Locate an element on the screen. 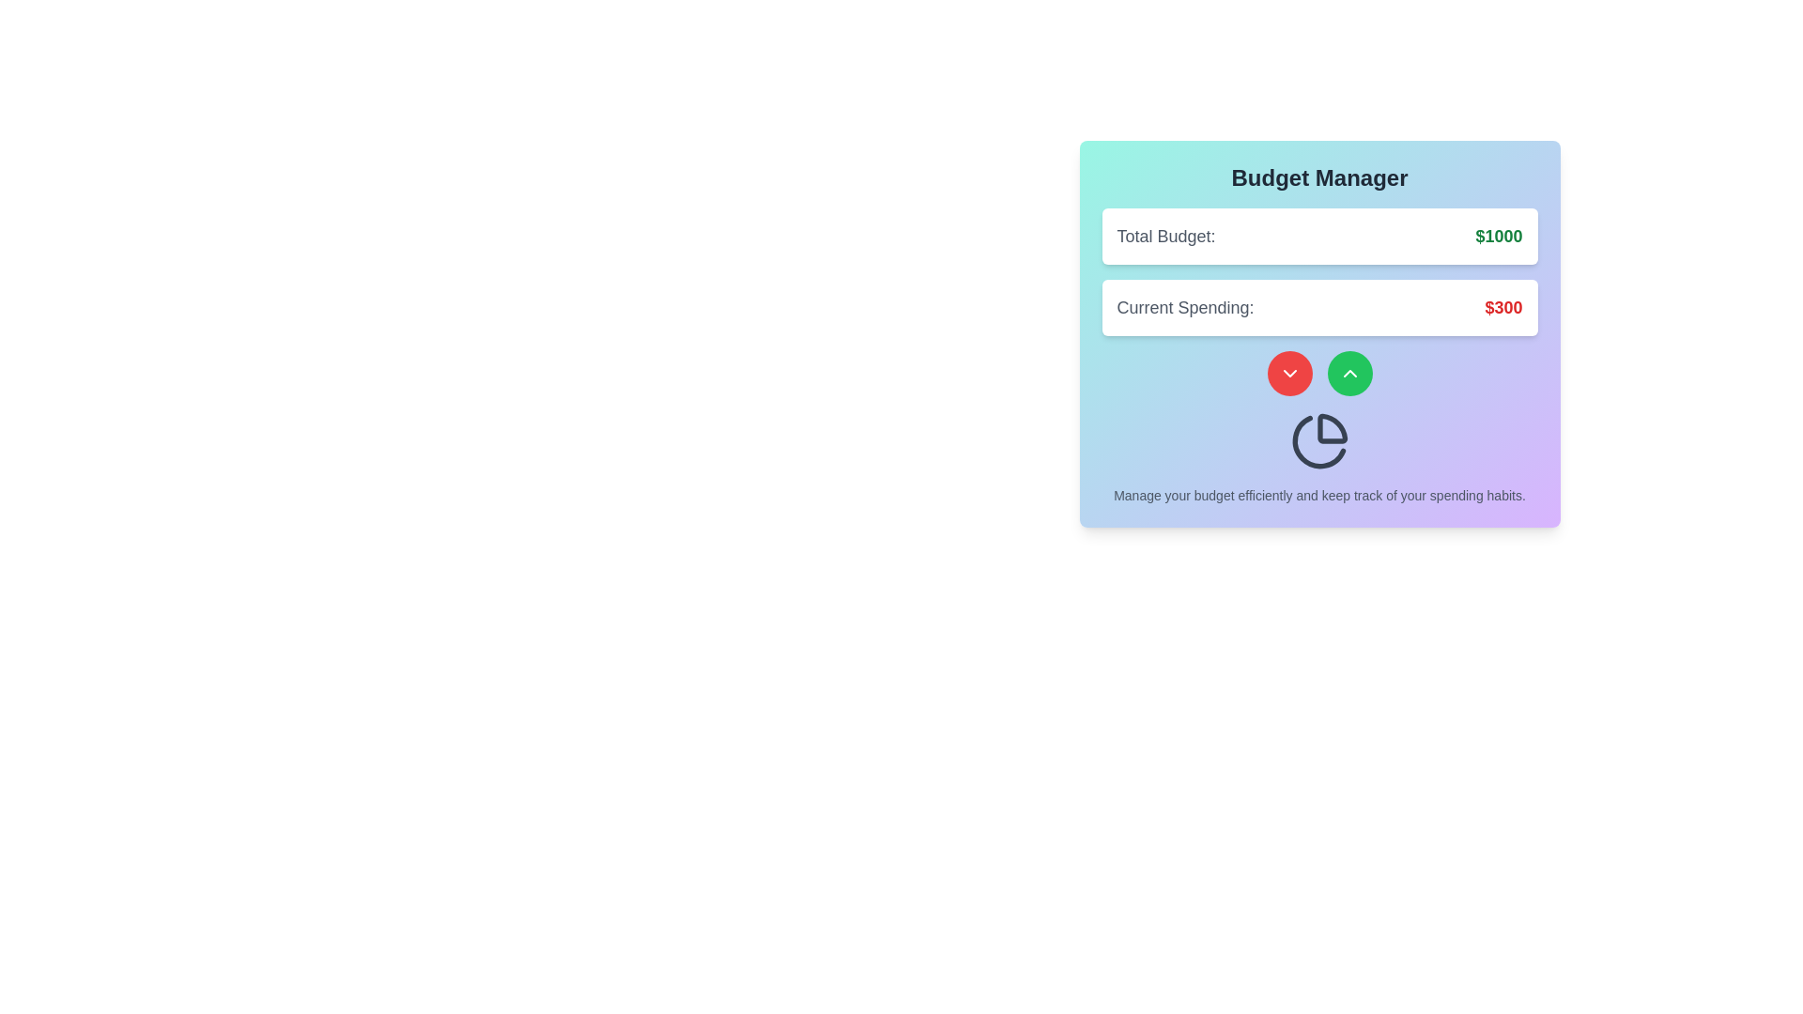 The height and width of the screenshot is (1014, 1803). the visual data representation of the graphical segment located in the upper right section of the SVG pie chart icon is located at coordinates (1331, 428).